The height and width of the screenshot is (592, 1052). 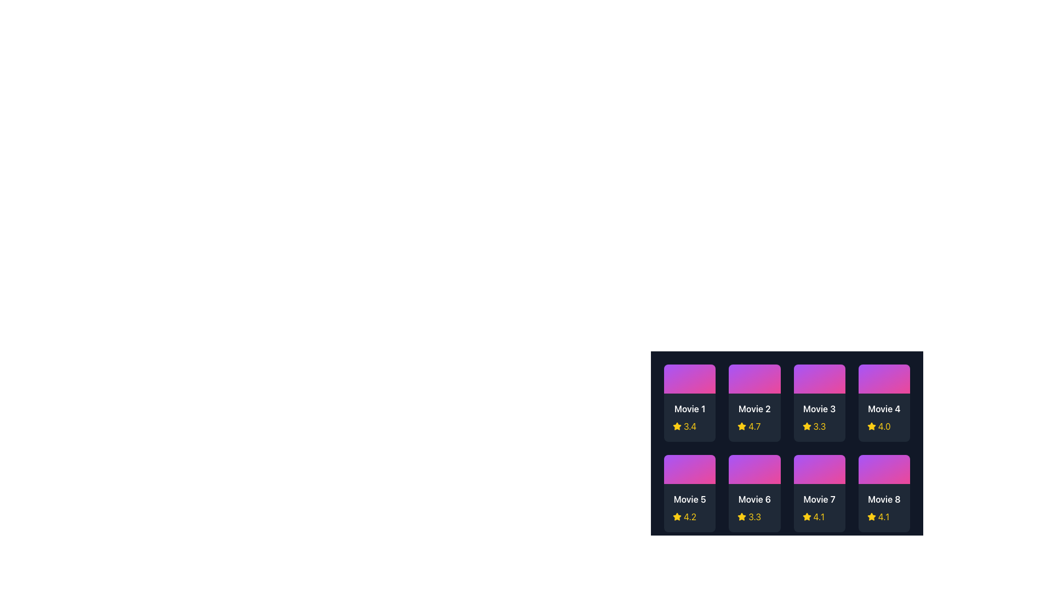 I want to click on the yellow star icon indicating a rating for the sixth movie item, located next to the score '3.3', so click(x=742, y=517).